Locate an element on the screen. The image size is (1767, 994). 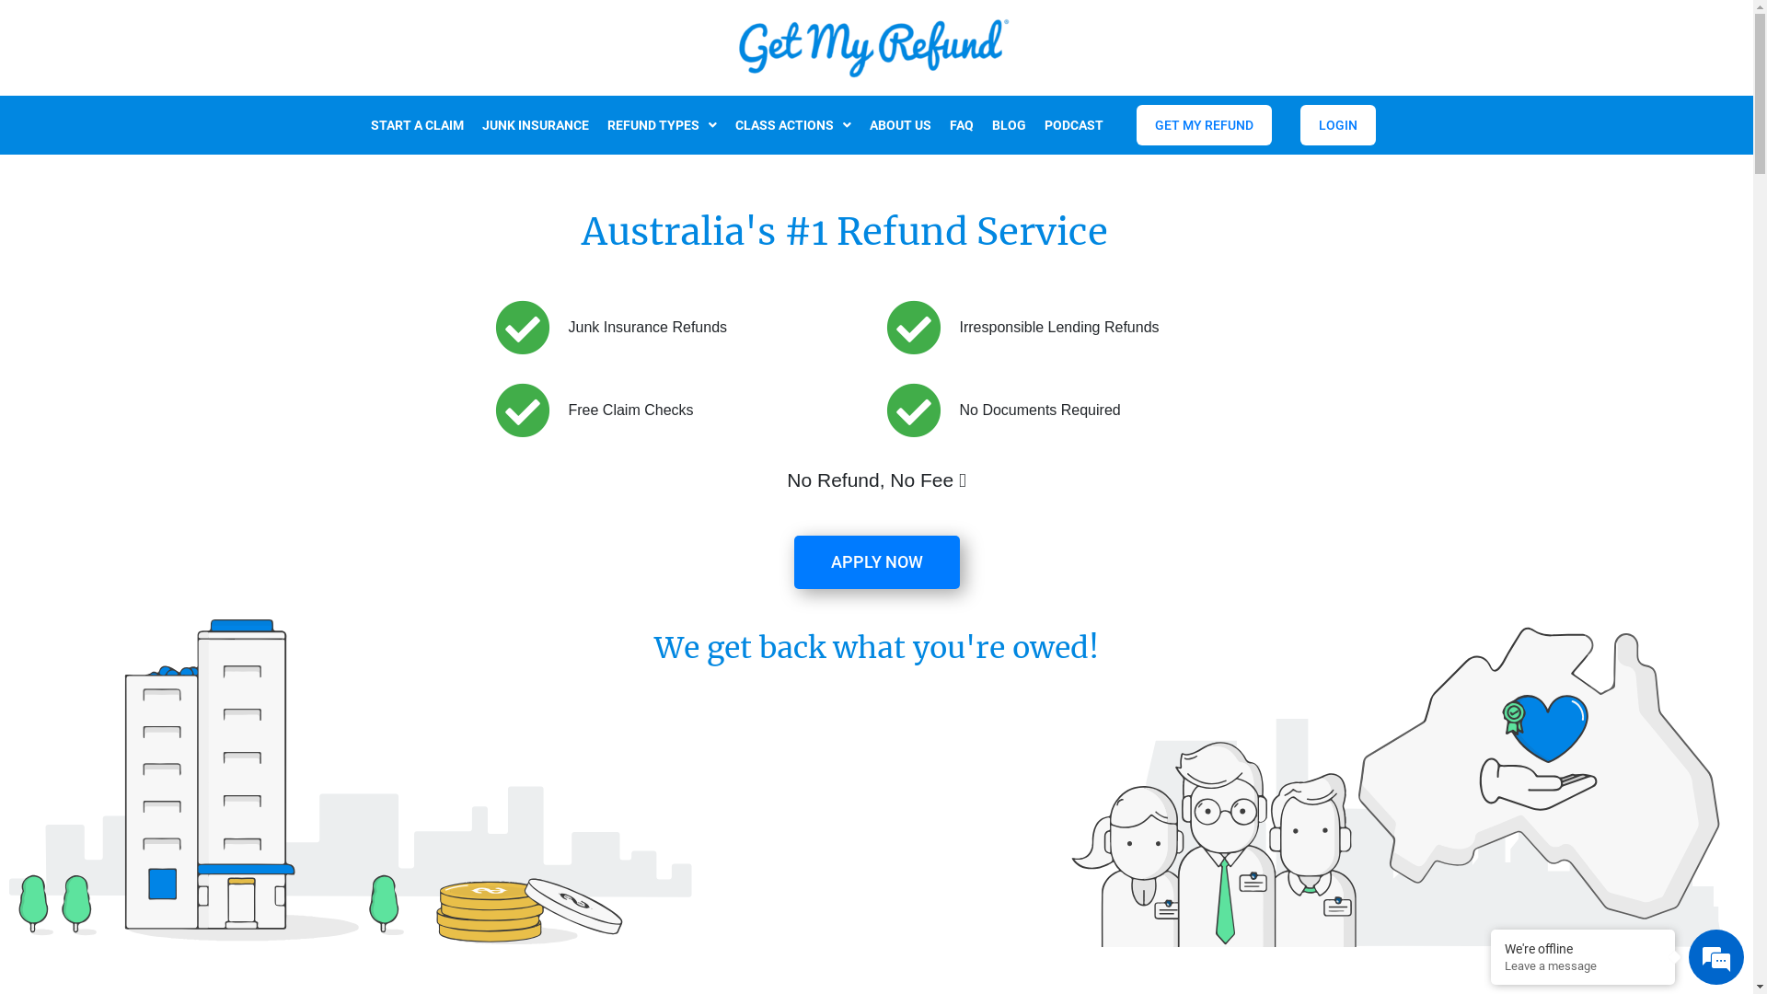
'CLASS ACTIONS' is located at coordinates (791, 124).